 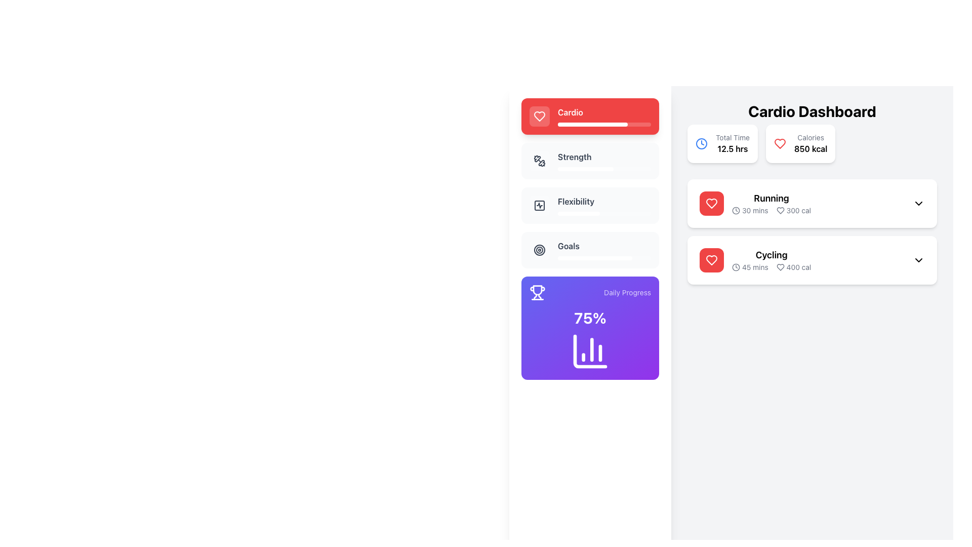 What do you see at coordinates (604, 257) in the screenshot?
I see `Progress Bar located below the 'Goals' section, which visually represents the completion percentage of a goal` at bounding box center [604, 257].